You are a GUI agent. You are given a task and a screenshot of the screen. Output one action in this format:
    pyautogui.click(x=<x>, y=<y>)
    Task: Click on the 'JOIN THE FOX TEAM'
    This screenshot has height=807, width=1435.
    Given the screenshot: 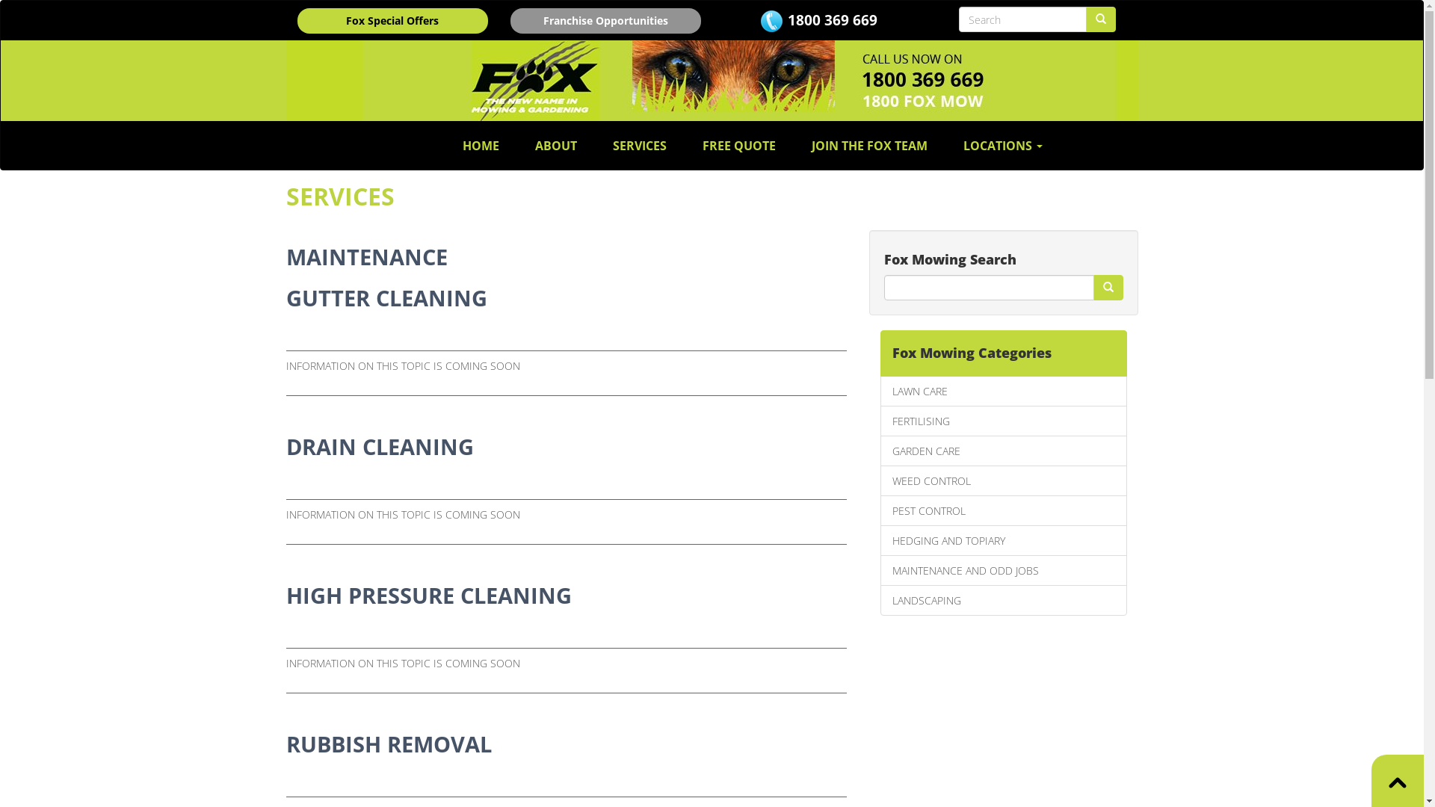 What is the action you would take?
    pyautogui.click(x=869, y=146)
    